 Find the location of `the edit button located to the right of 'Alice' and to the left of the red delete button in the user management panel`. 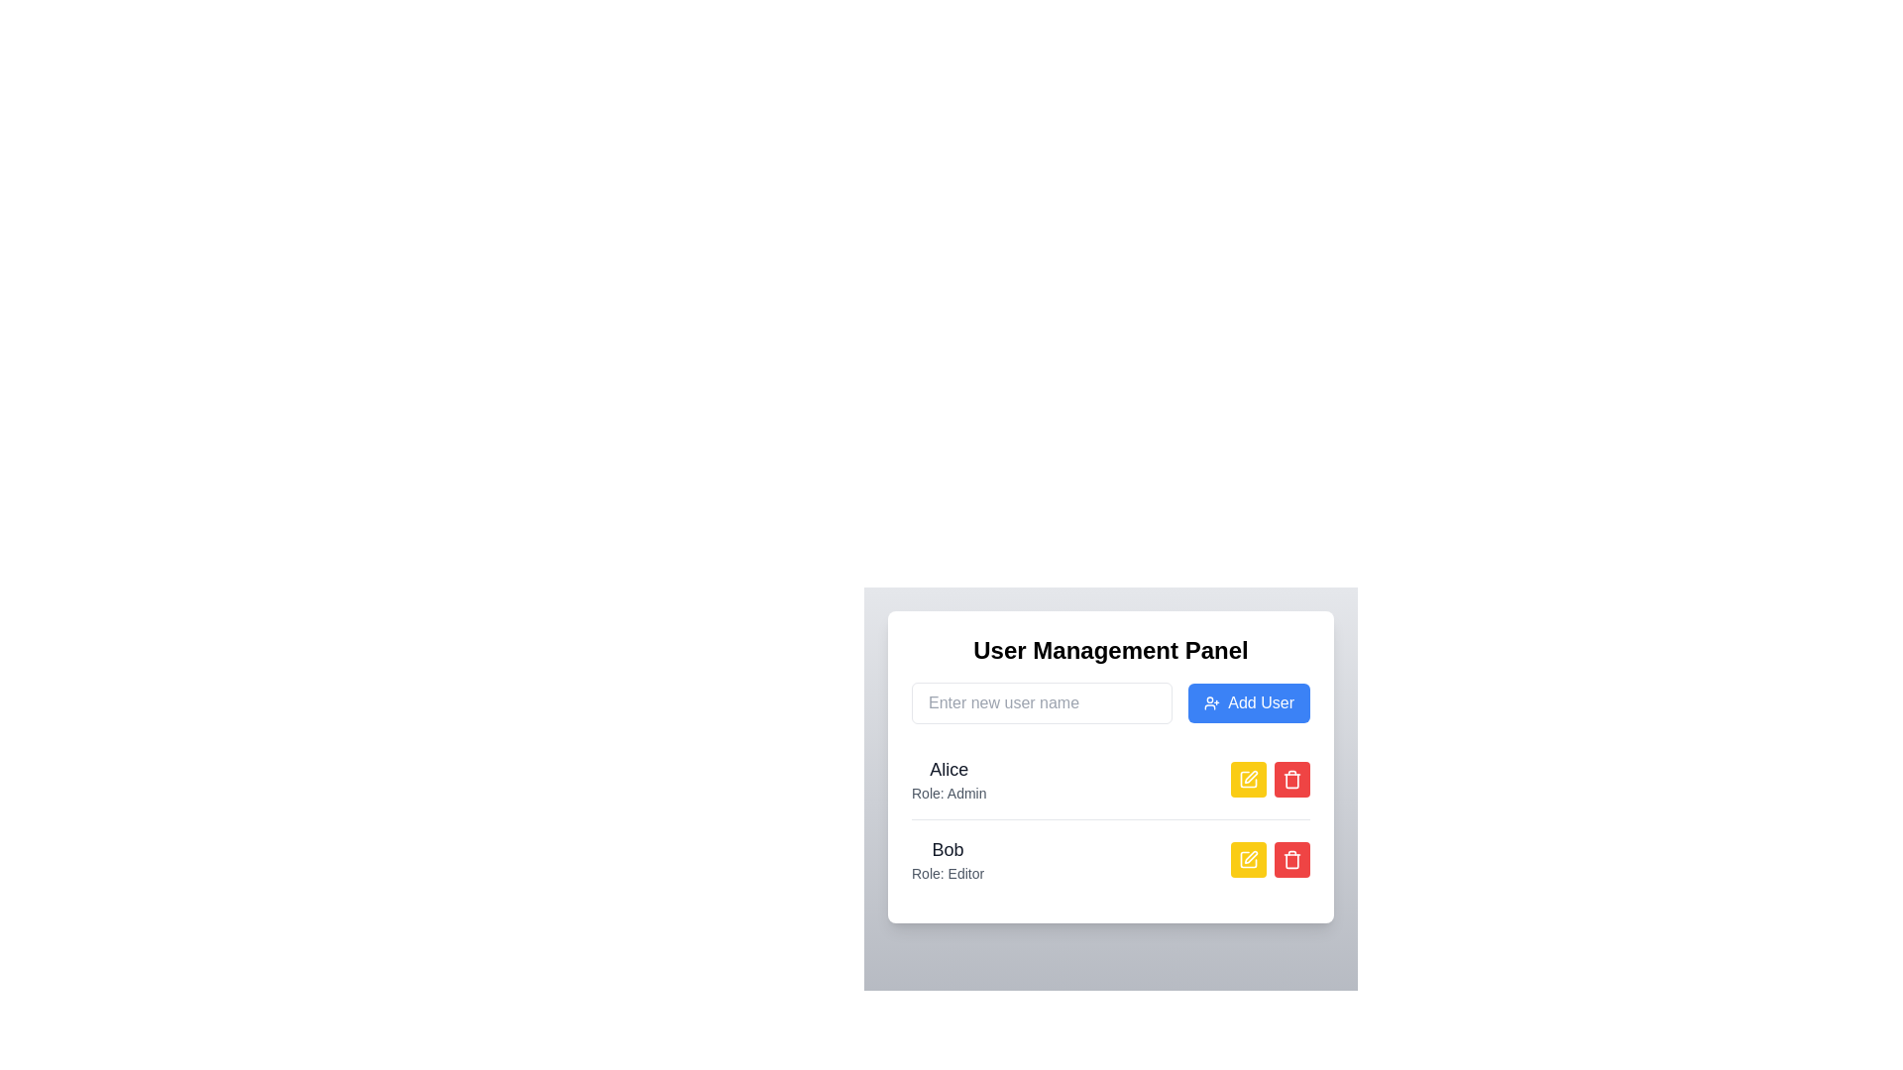

the edit button located to the right of 'Alice' and to the left of the red delete button in the user management panel is located at coordinates (1247, 778).